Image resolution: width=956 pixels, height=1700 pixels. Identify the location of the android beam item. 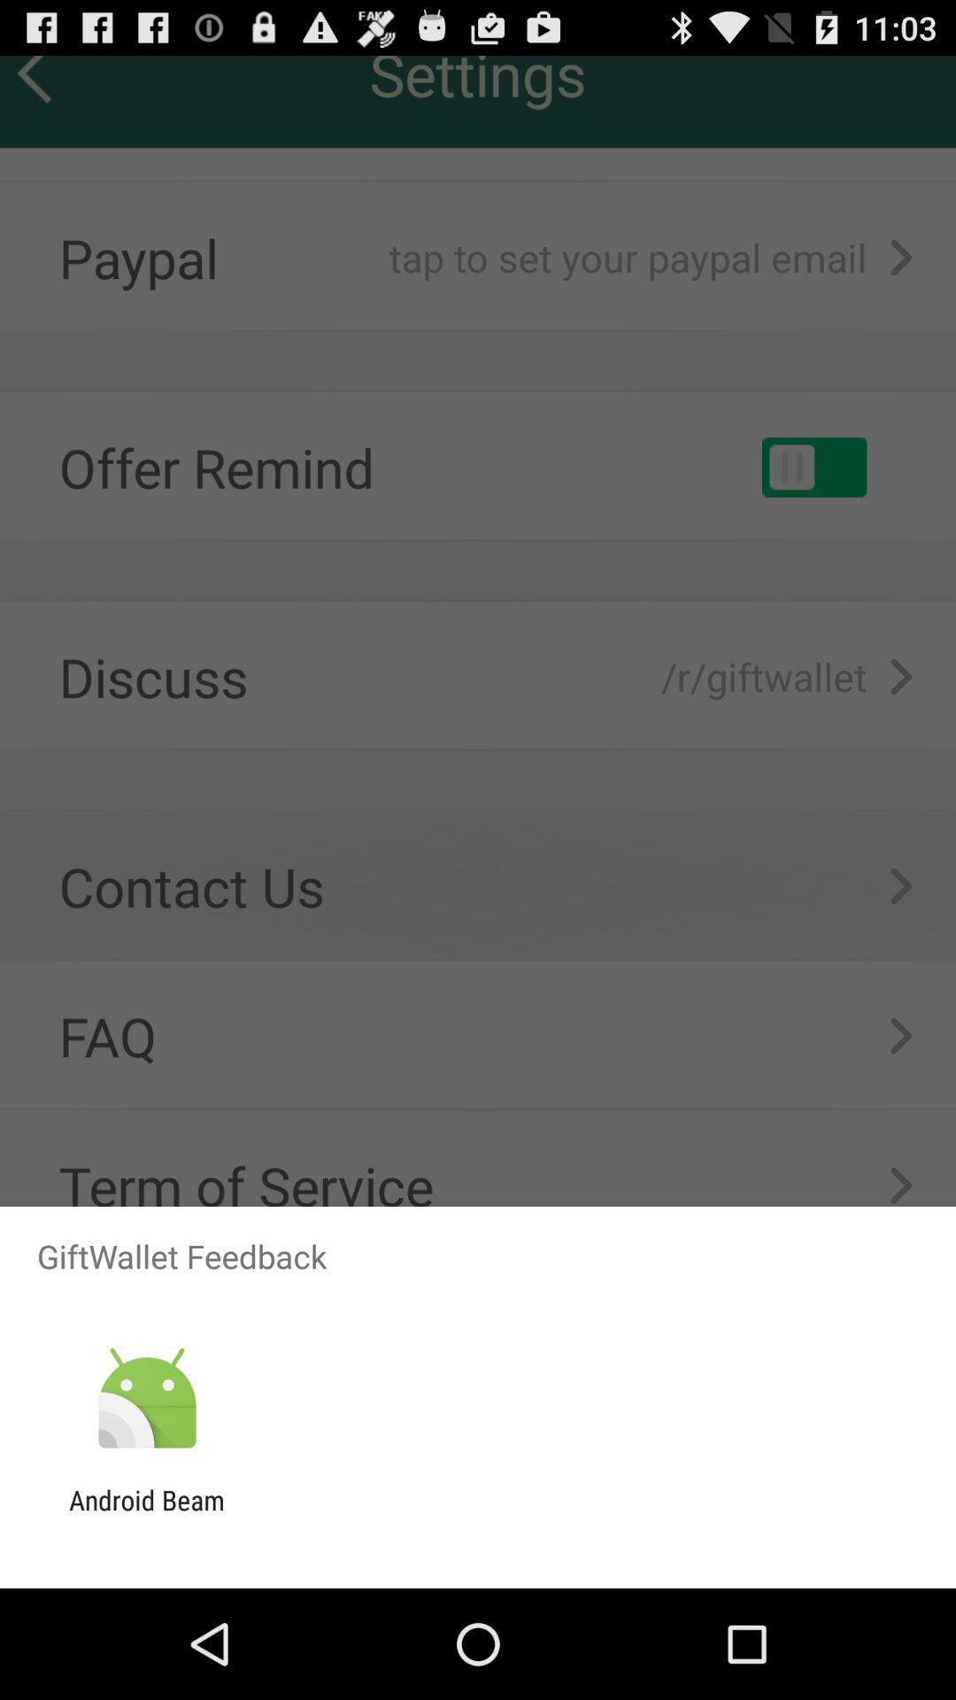
(146, 1515).